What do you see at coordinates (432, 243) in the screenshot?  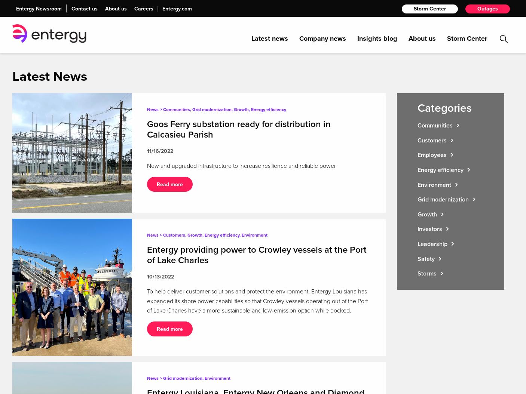 I see `'Leadership'` at bounding box center [432, 243].